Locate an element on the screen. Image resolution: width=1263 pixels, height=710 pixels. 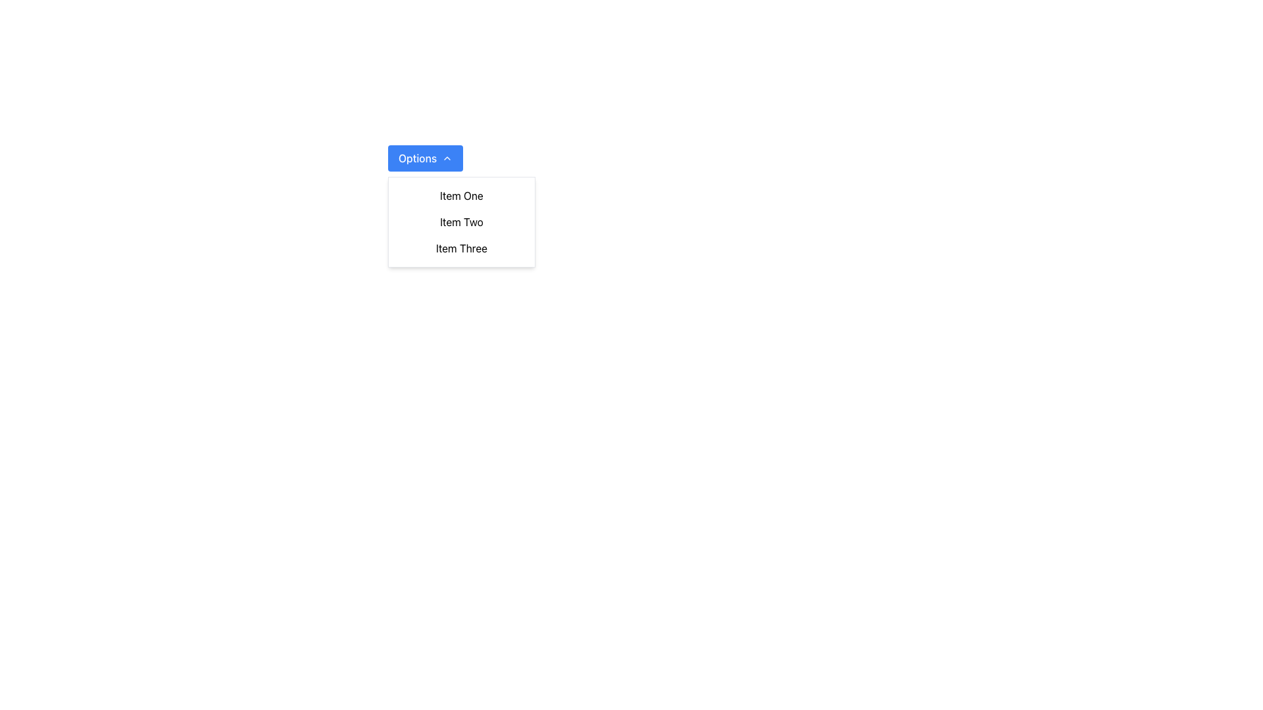
the toggle button that expands or collapses the dropdown menu located at the top of the dropdown menu component is located at coordinates (426, 157).